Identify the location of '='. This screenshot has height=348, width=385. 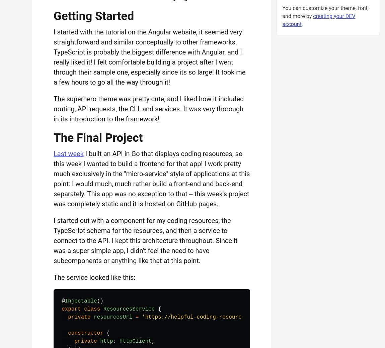
(137, 317).